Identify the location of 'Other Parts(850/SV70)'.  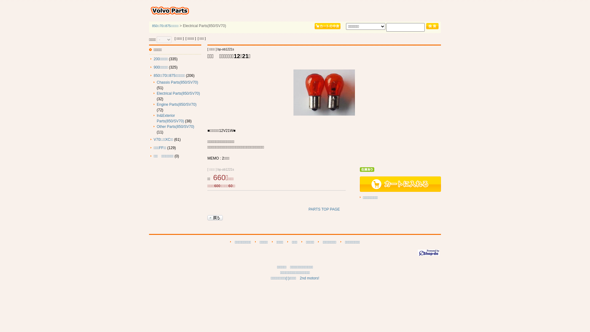
(175, 126).